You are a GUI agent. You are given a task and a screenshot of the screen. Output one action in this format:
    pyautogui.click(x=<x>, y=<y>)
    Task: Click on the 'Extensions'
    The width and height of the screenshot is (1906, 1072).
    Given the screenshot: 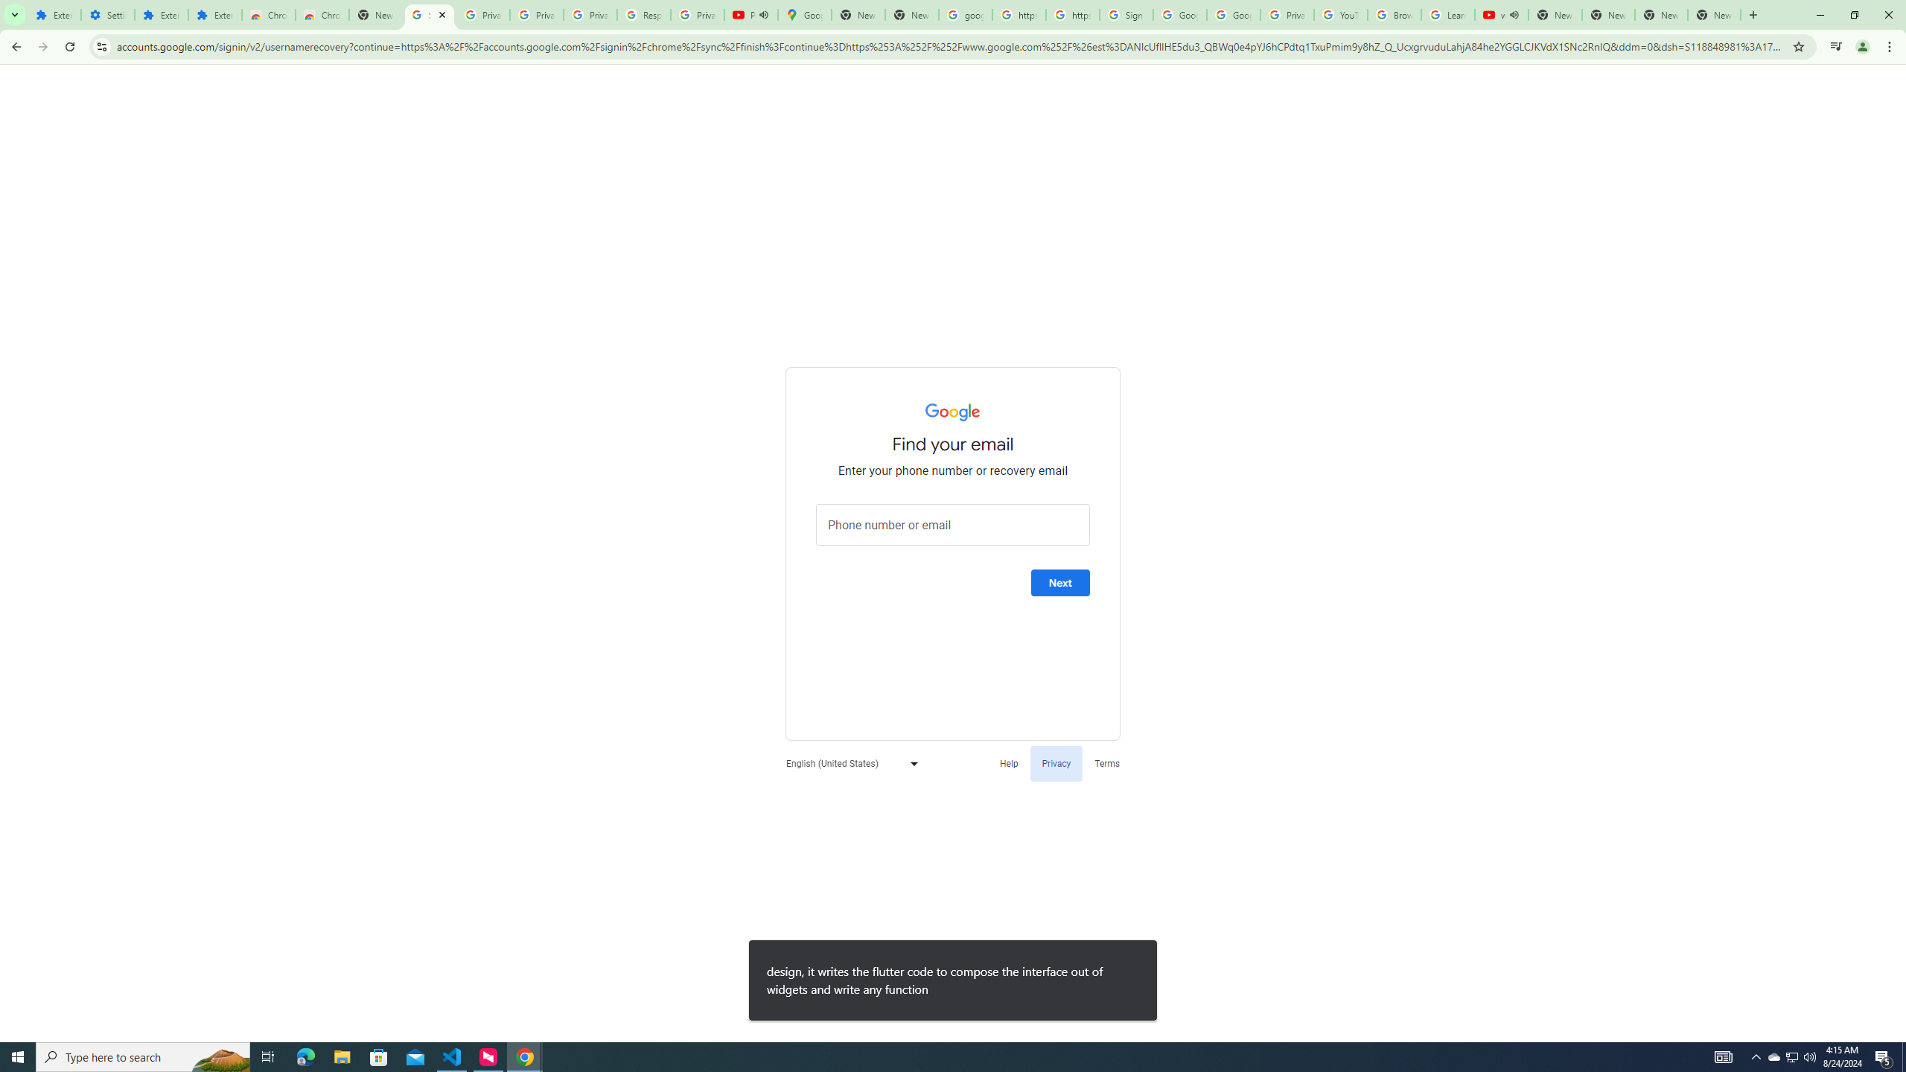 What is the action you would take?
    pyautogui.click(x=54, y=14)
    